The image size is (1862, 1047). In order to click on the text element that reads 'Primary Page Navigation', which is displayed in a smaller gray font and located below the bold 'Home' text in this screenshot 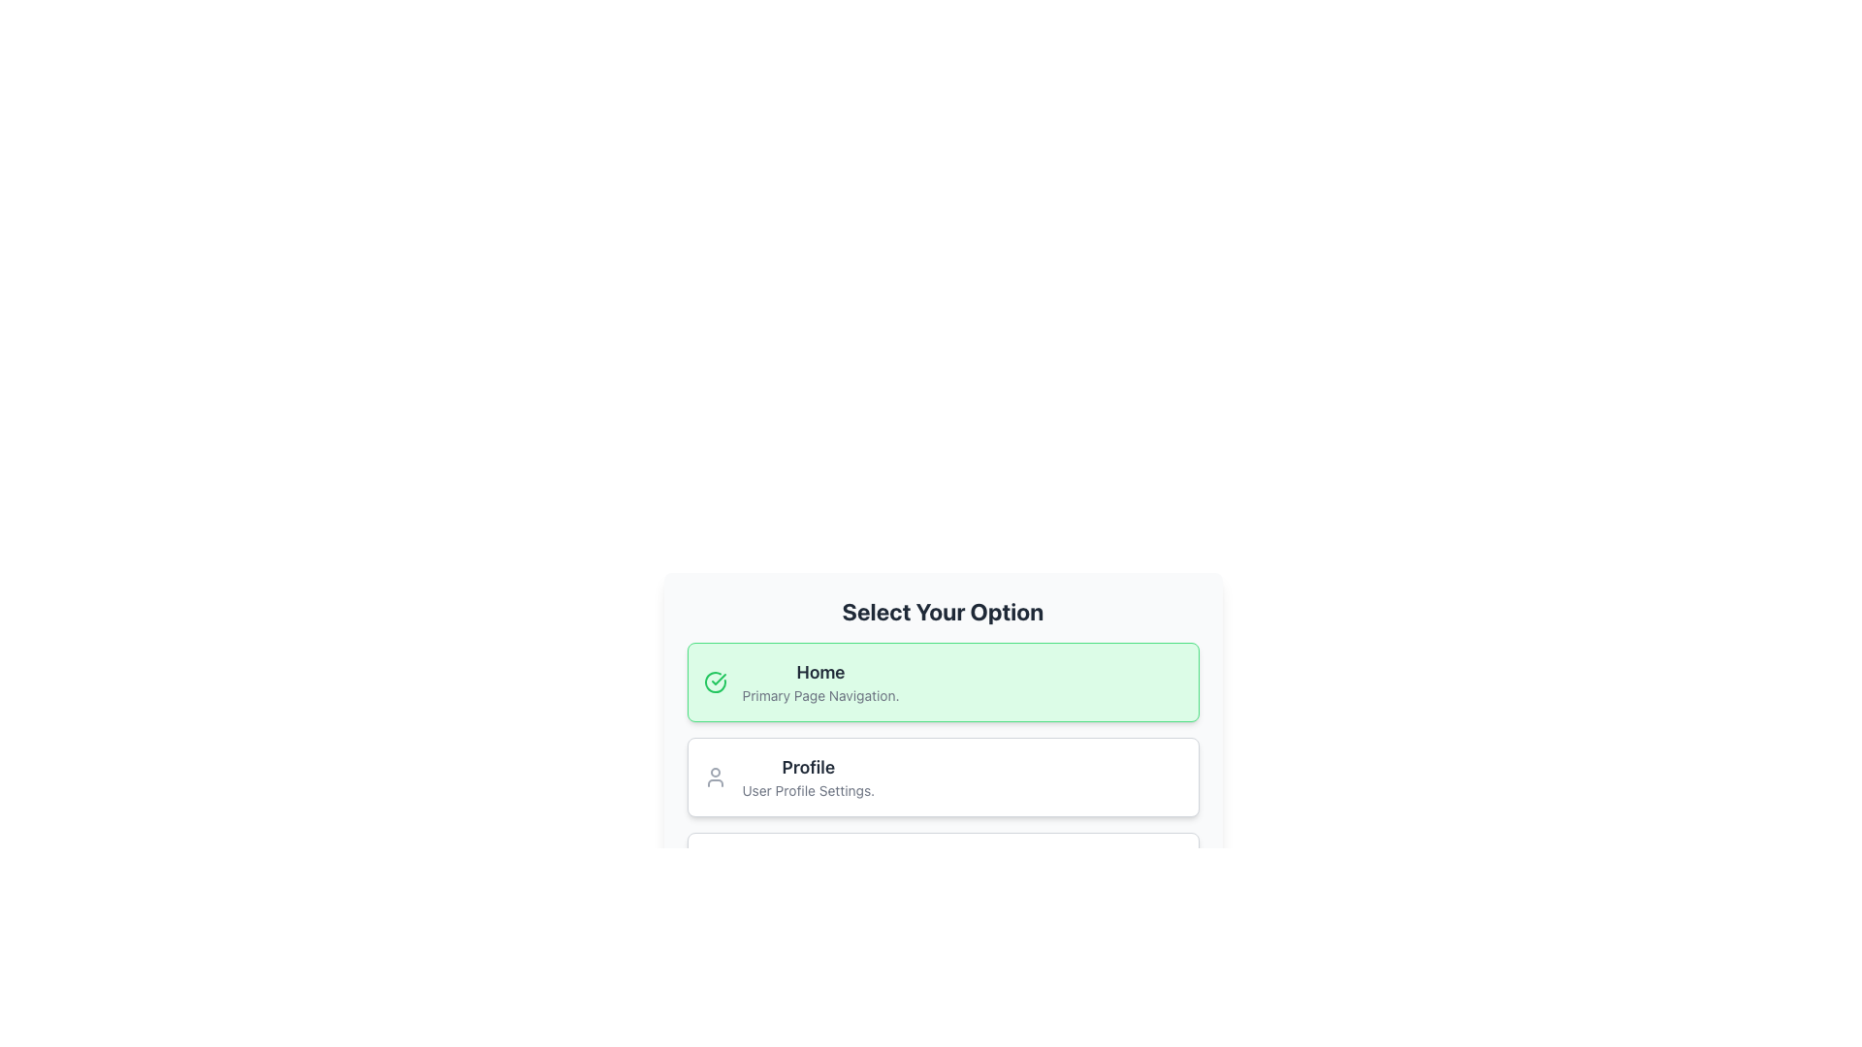, I will do `click(820, 694)`.